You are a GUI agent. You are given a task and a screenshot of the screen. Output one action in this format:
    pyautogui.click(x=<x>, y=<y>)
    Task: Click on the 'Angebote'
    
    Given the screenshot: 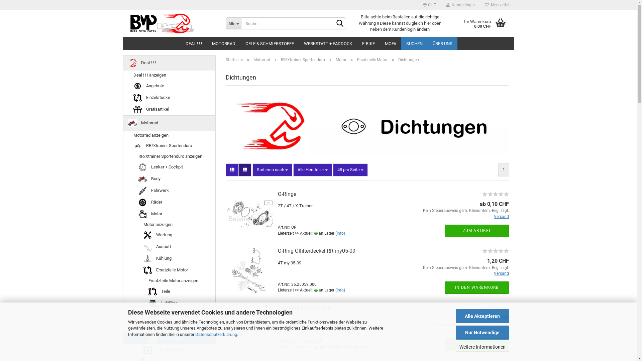 What is the action you would take?
    pyautogui.click(x=169, y=86)
    